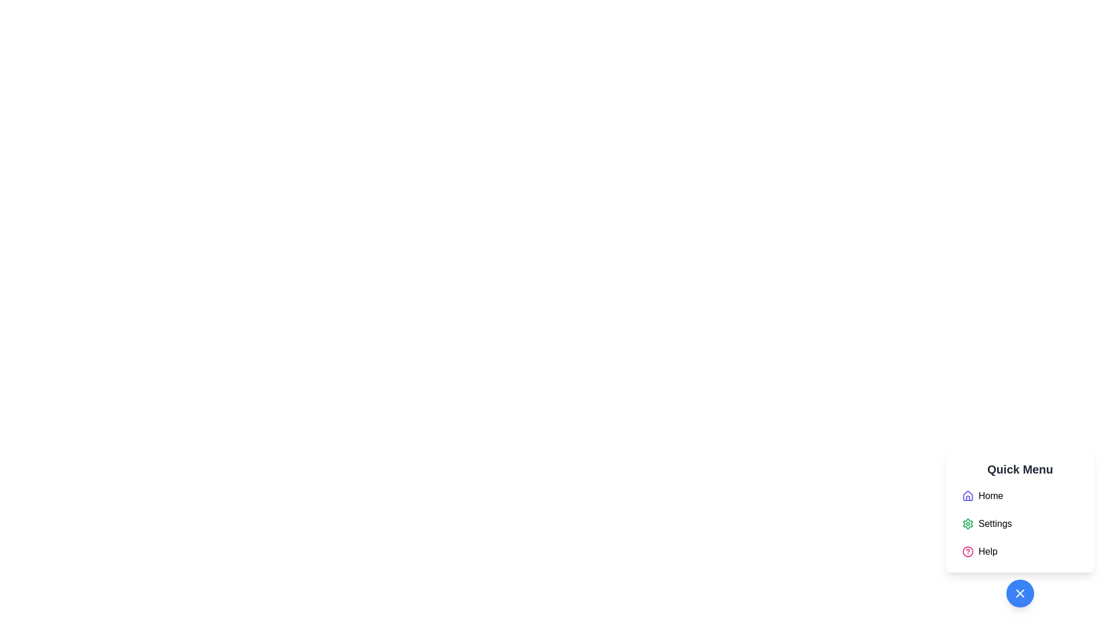 The height and width of the screenshot is (626, 1113). I want to click on the minimalist 'X' icon within the blue circular button located at the bottom-right corner of the interface, so click(1020, 593).